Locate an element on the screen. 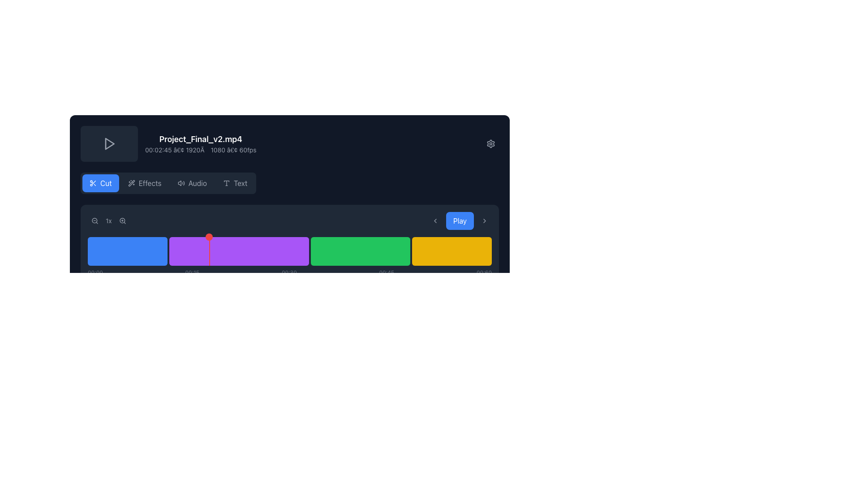 The width and height of the screenshot is (860, 484). the label located in the horizontal bar at the top of the interface, positioned to the right of 'Effects' and 'Audio' is located at coordinates (241, 182).